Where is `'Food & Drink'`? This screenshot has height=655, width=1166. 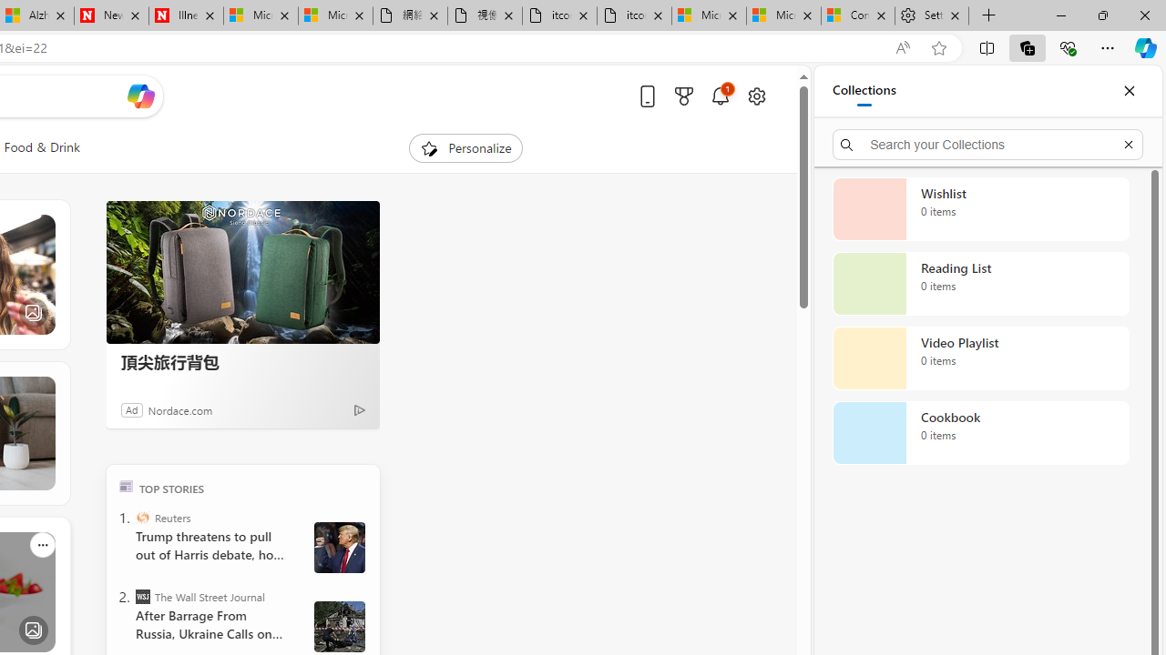 'Food & Drink' is located at coordinates (42, 147).